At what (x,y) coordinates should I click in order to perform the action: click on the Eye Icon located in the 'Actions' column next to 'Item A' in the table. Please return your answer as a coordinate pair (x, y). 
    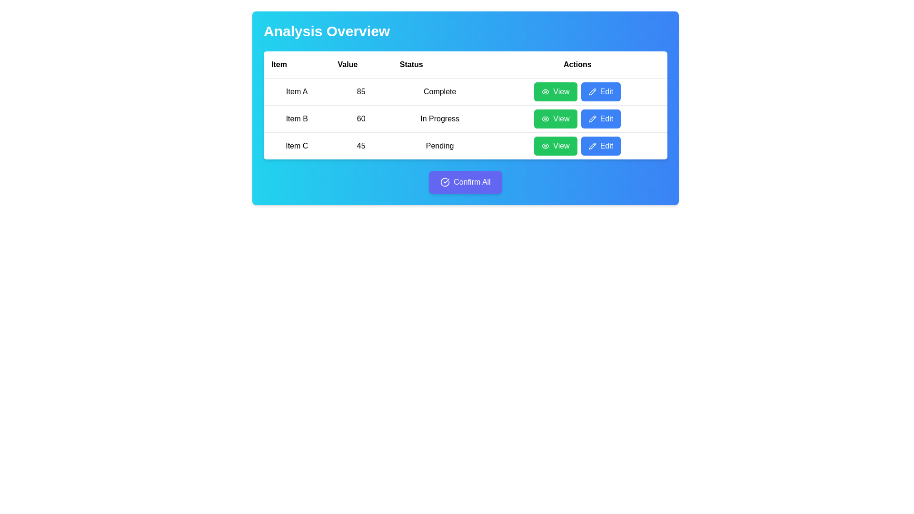
    Looking at the image, I should click on (546, 91).